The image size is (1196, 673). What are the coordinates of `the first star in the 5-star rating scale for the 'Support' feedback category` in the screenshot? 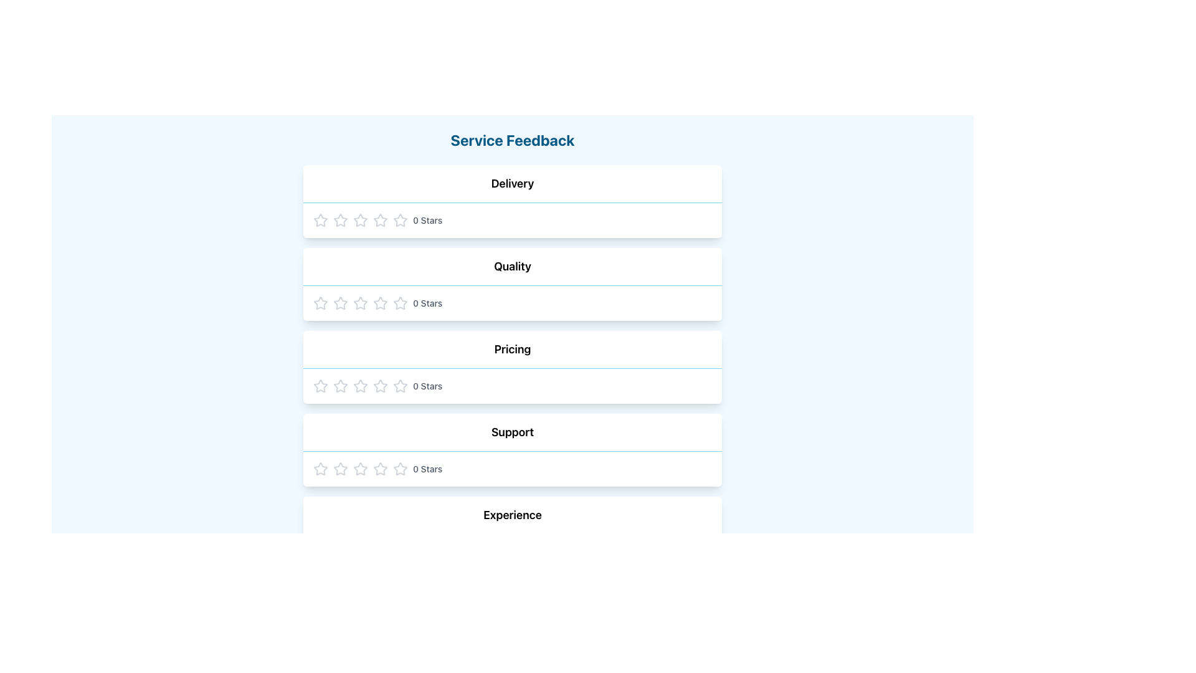 It's located at (320, 469).